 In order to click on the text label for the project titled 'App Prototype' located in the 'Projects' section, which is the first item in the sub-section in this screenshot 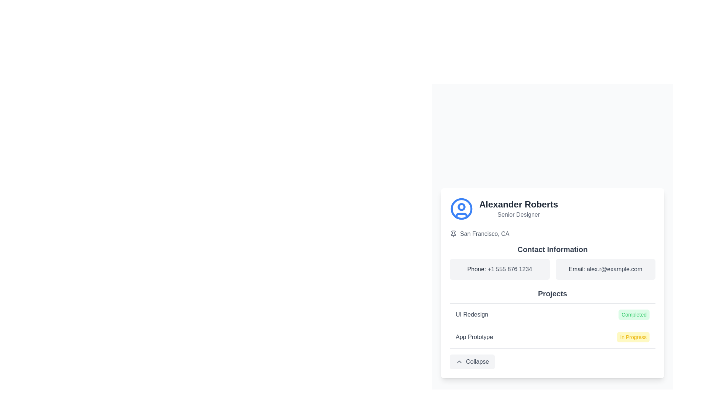, I will do `click(474, 337)`.